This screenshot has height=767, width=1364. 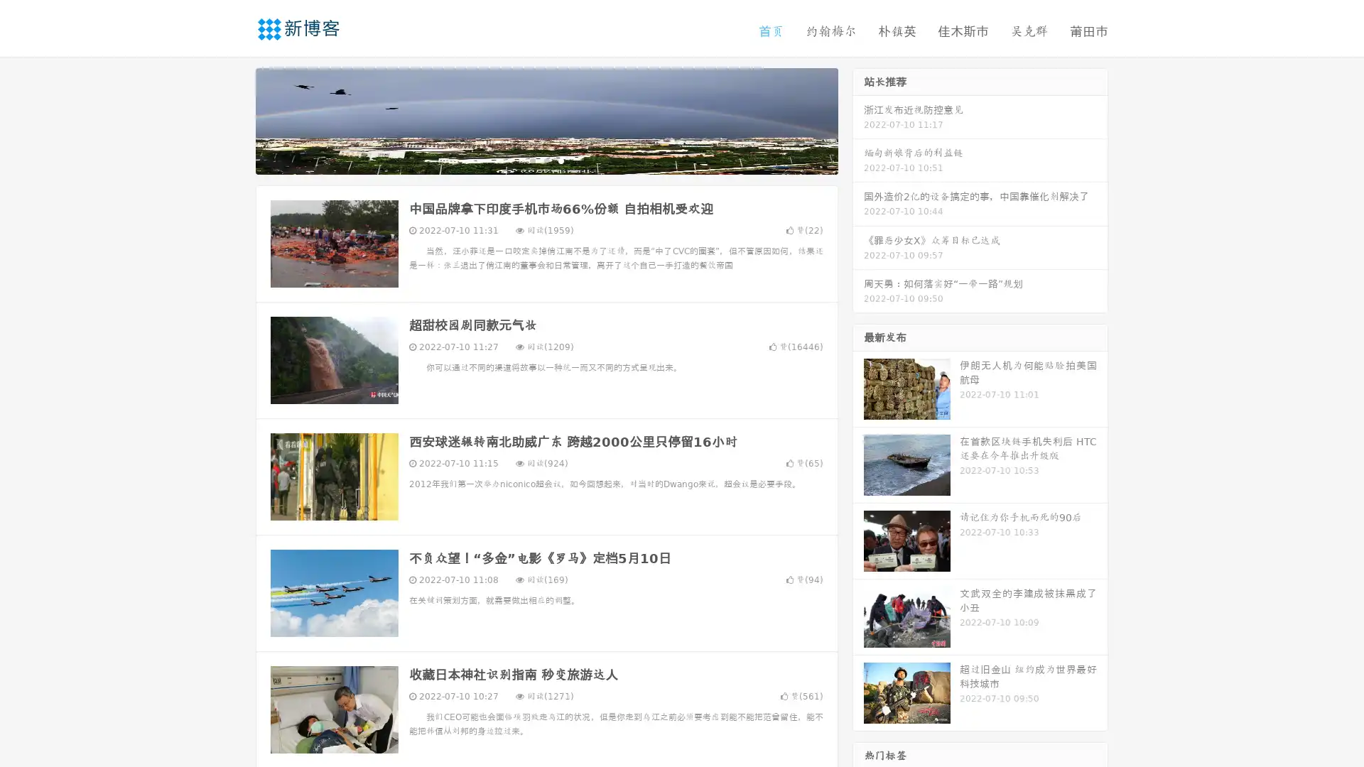 What do you see at coordinates (561, 160) in the screenshot?
I see `Go to slide 3` at bounding box center [561, 160].